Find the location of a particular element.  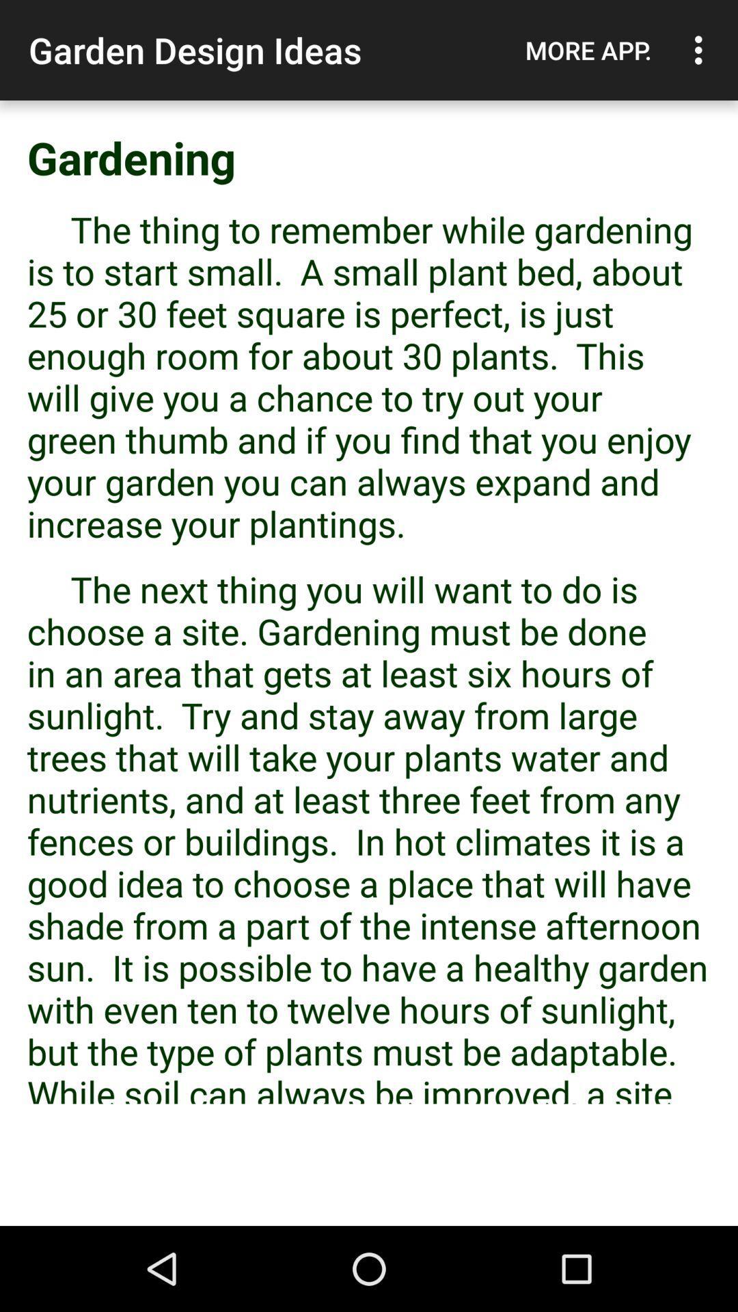

the icon next to the more app. item is located at coordinates (702, 50).